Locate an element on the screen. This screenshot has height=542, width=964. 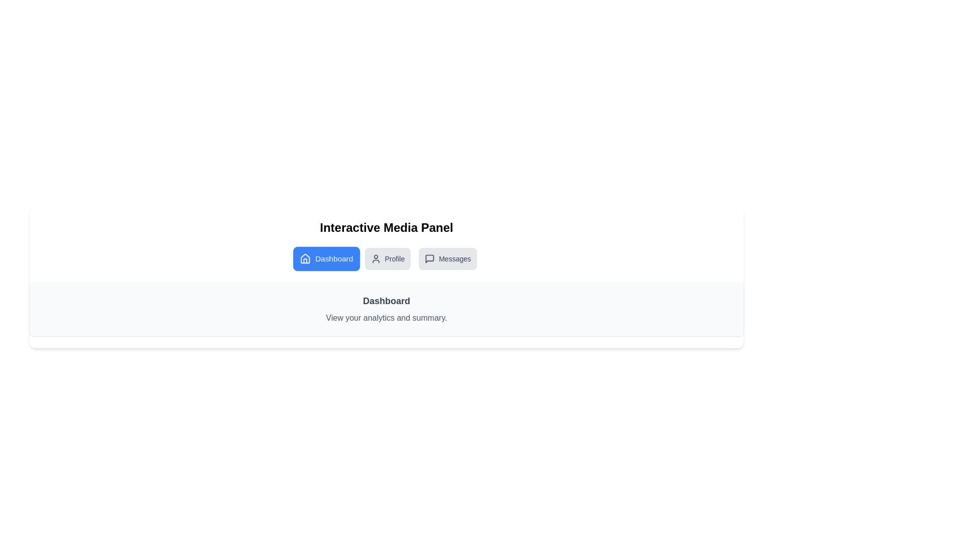
the Messages tab is located at coordinates (447, 258).